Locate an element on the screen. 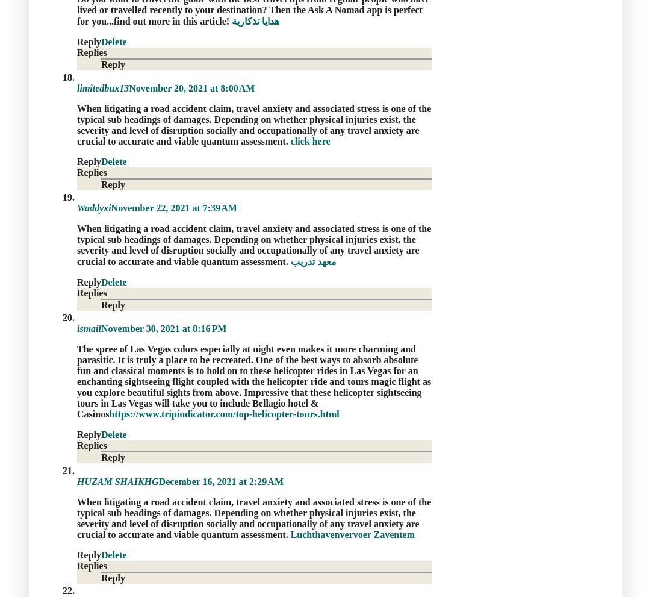  'December 16, 2021 at 2:29 AM' is located at coordinates (220, 481).